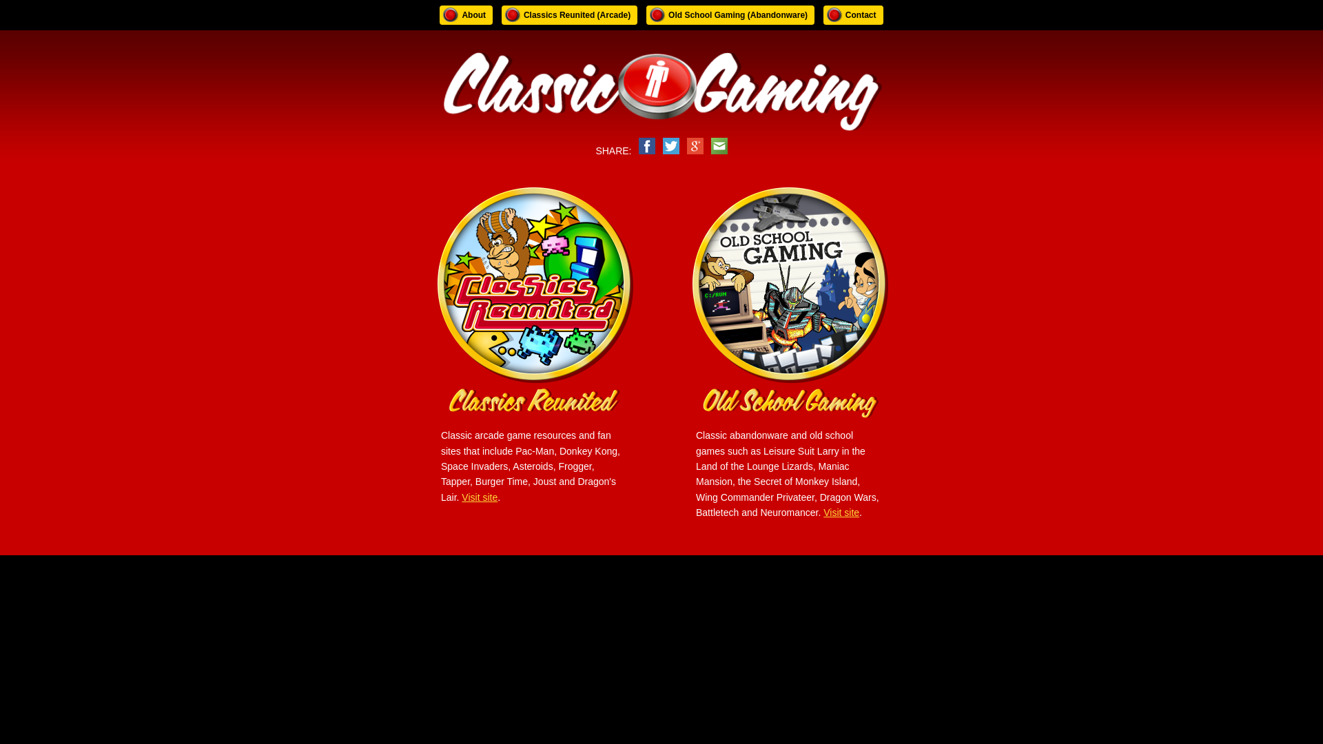 This screenshot has height=744, width=1323. Describe the element at coordinates (840, 513) in the screenshot. I see `'Visit site'` at that location.